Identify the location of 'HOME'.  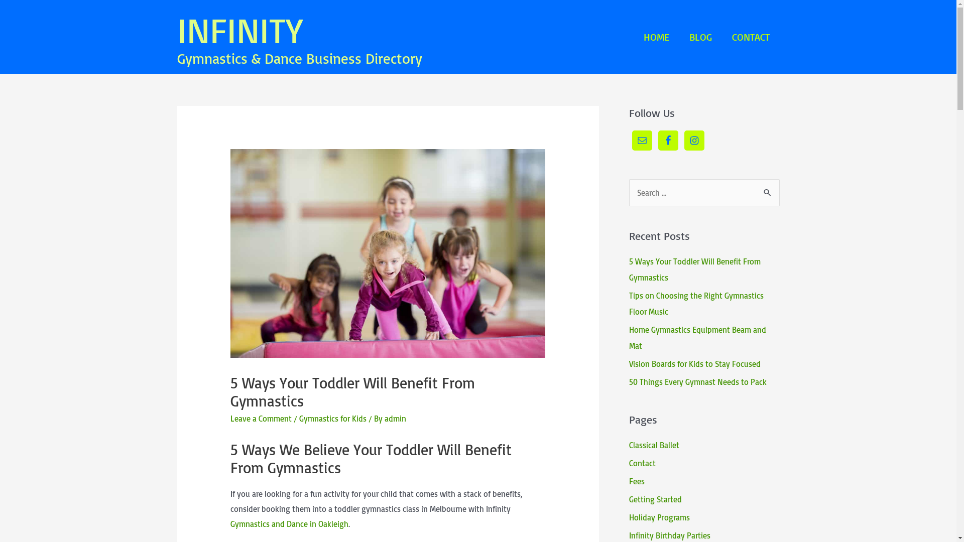
(656, 36).